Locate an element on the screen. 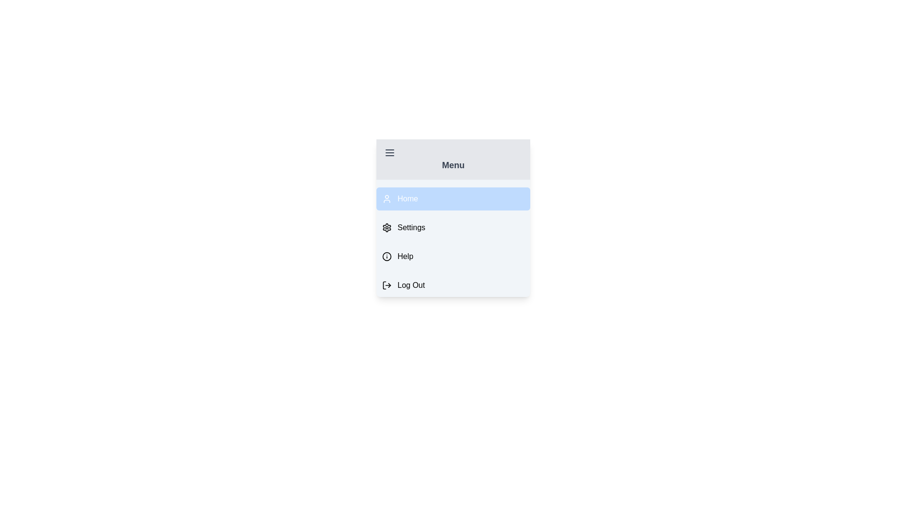 This screenshot has height=519, width=923. the icon of the menu item labeled Log Out to inspect it is located at coordinates (387, 285).